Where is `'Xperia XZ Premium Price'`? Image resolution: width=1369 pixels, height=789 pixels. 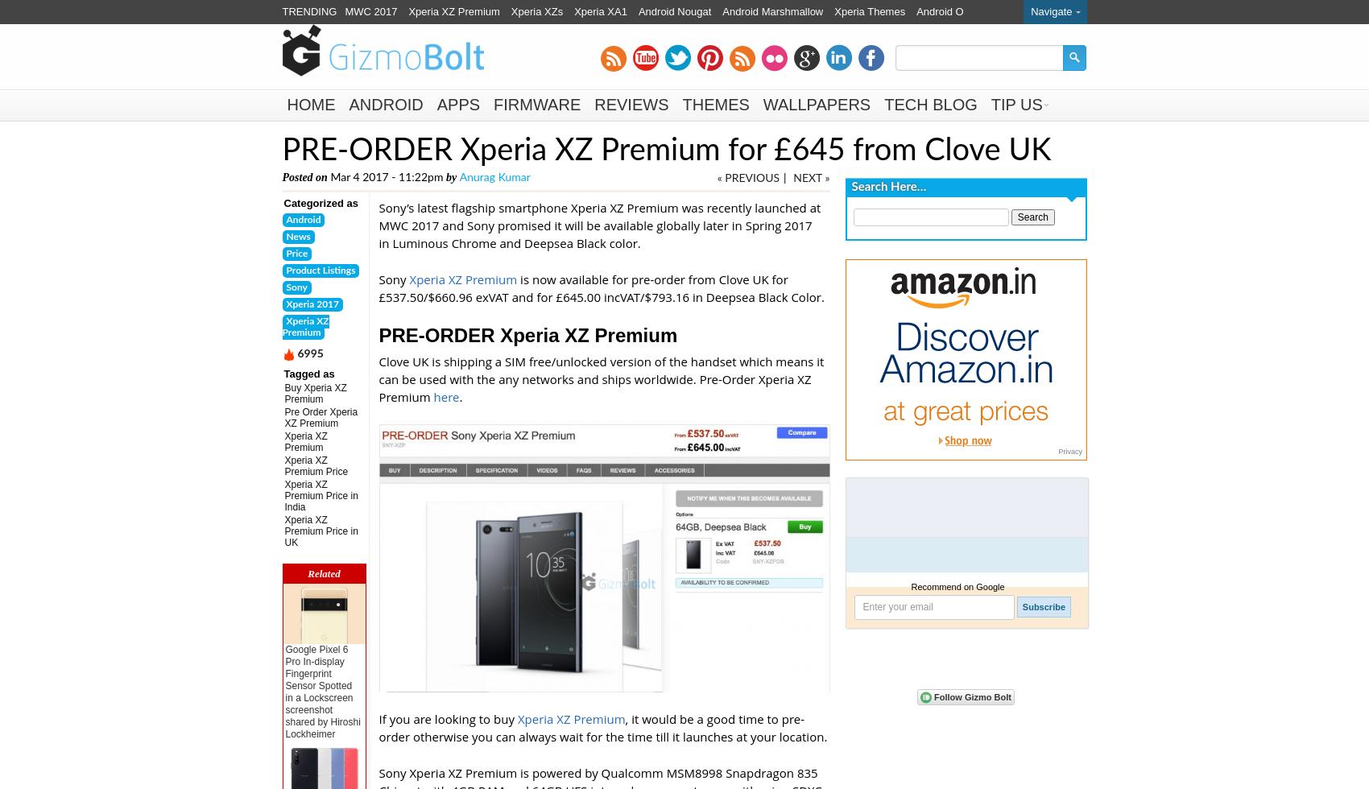 'Xperia XZ Premium Price' is located at coordinates (315, 465).